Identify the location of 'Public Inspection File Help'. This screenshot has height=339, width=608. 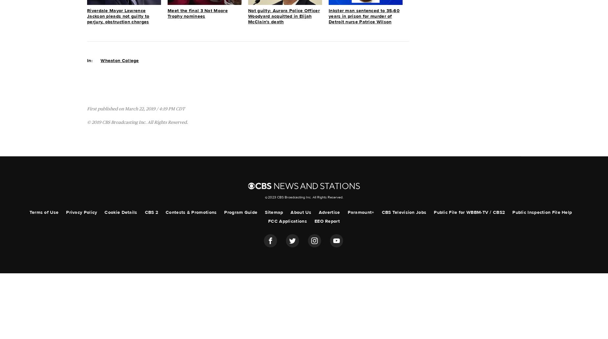
(512, 212).